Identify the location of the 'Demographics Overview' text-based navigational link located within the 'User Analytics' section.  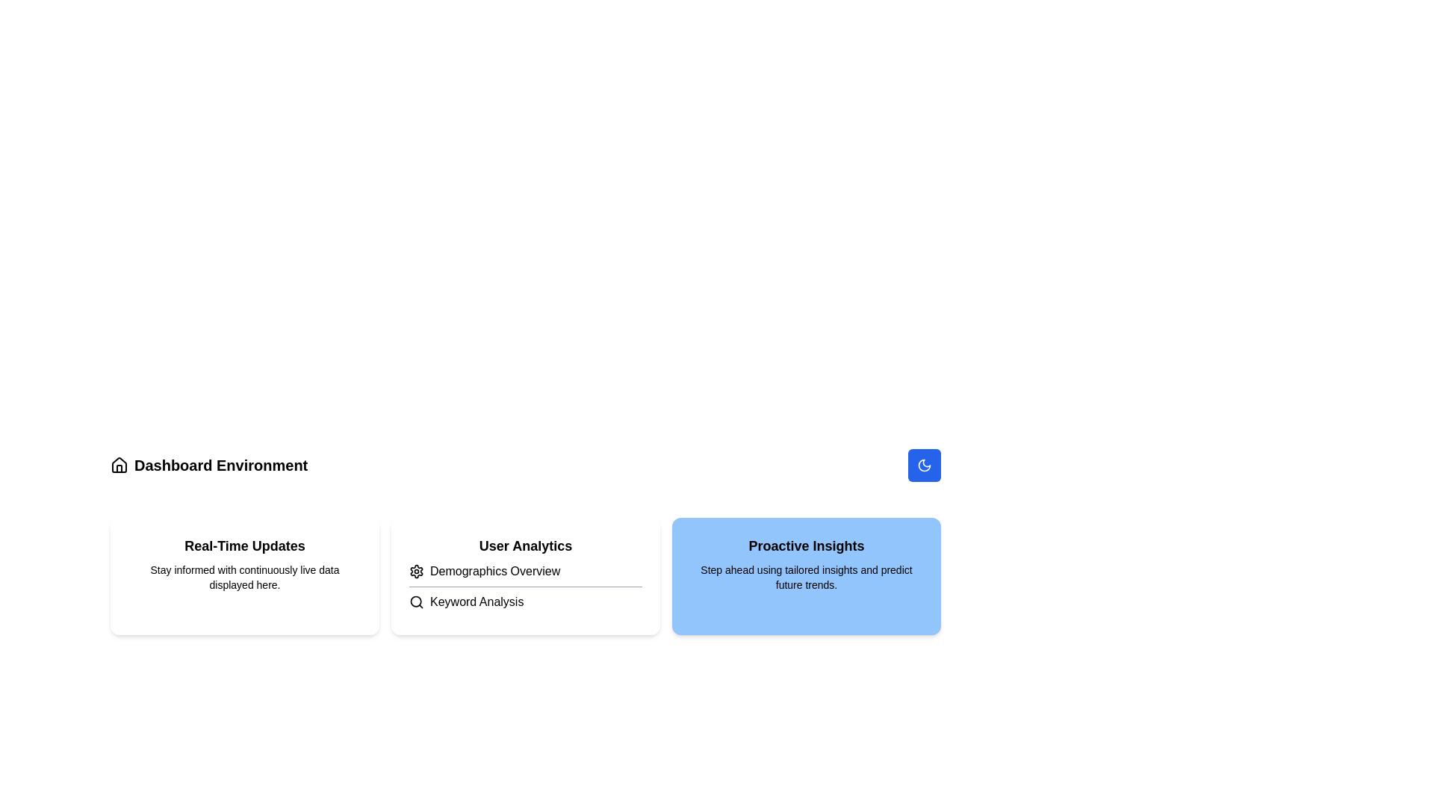
(526, 586).